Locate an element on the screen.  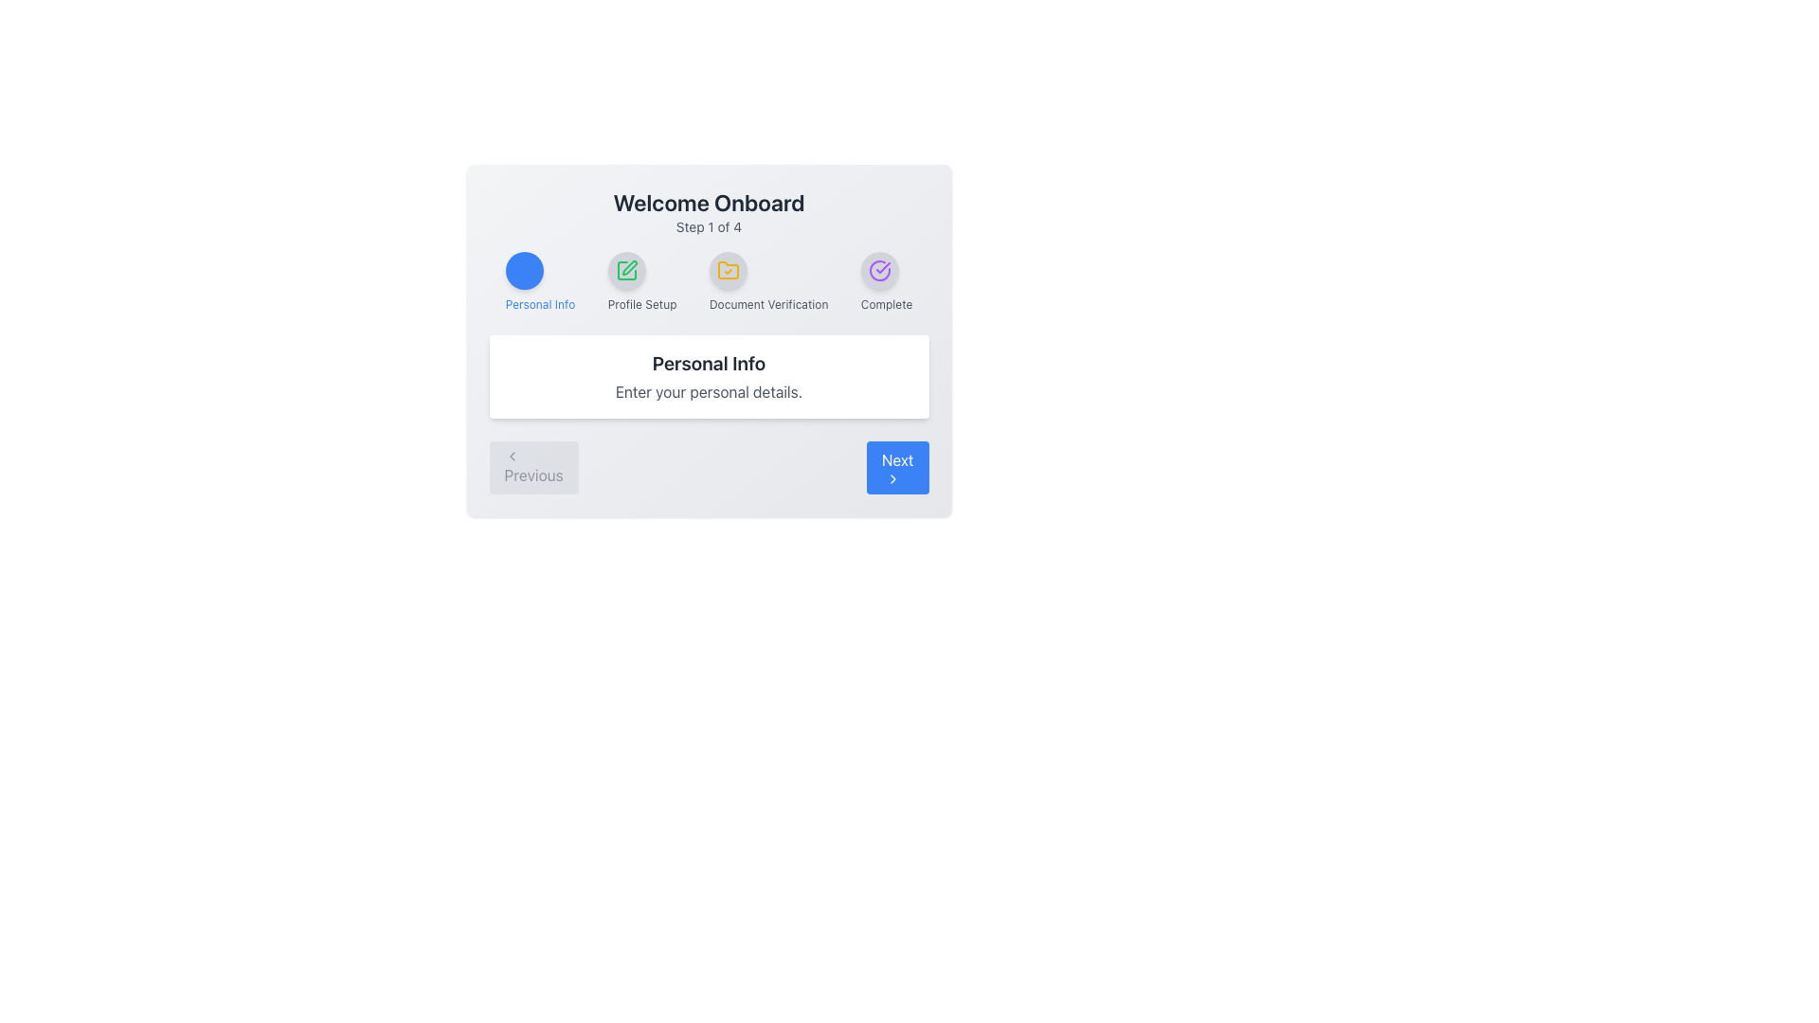
text content of the label displaying 'Step 1 of 4' which is styled in gray and located beneath the heading 'Welcome Onboard' is located at coordinates (708, 225).